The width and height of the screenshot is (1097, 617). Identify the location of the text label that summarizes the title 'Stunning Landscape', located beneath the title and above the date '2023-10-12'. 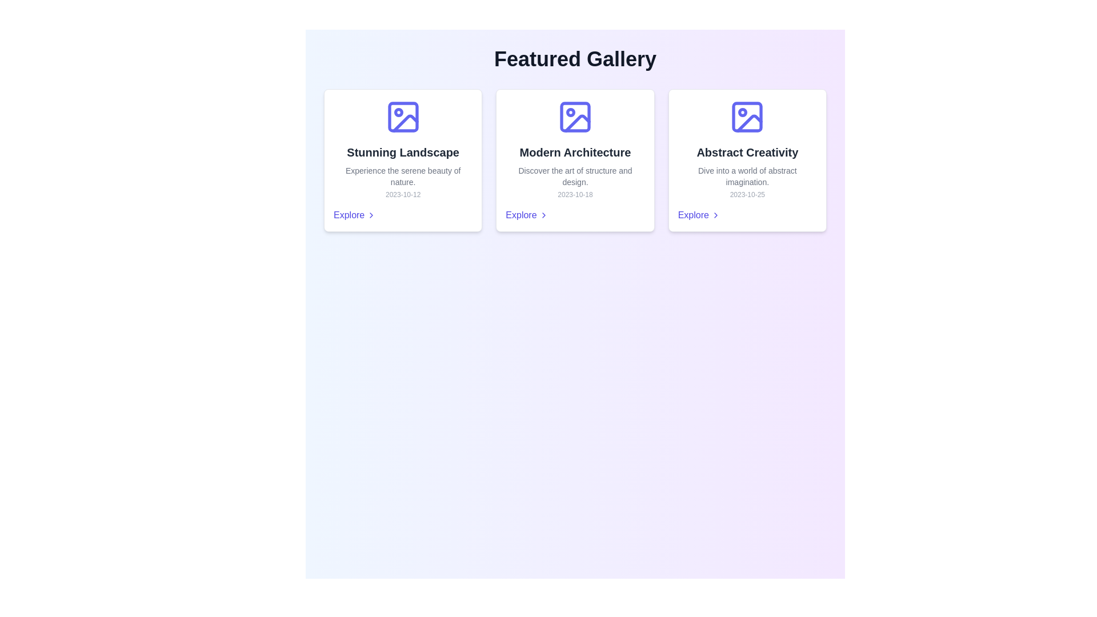
(403, 176).